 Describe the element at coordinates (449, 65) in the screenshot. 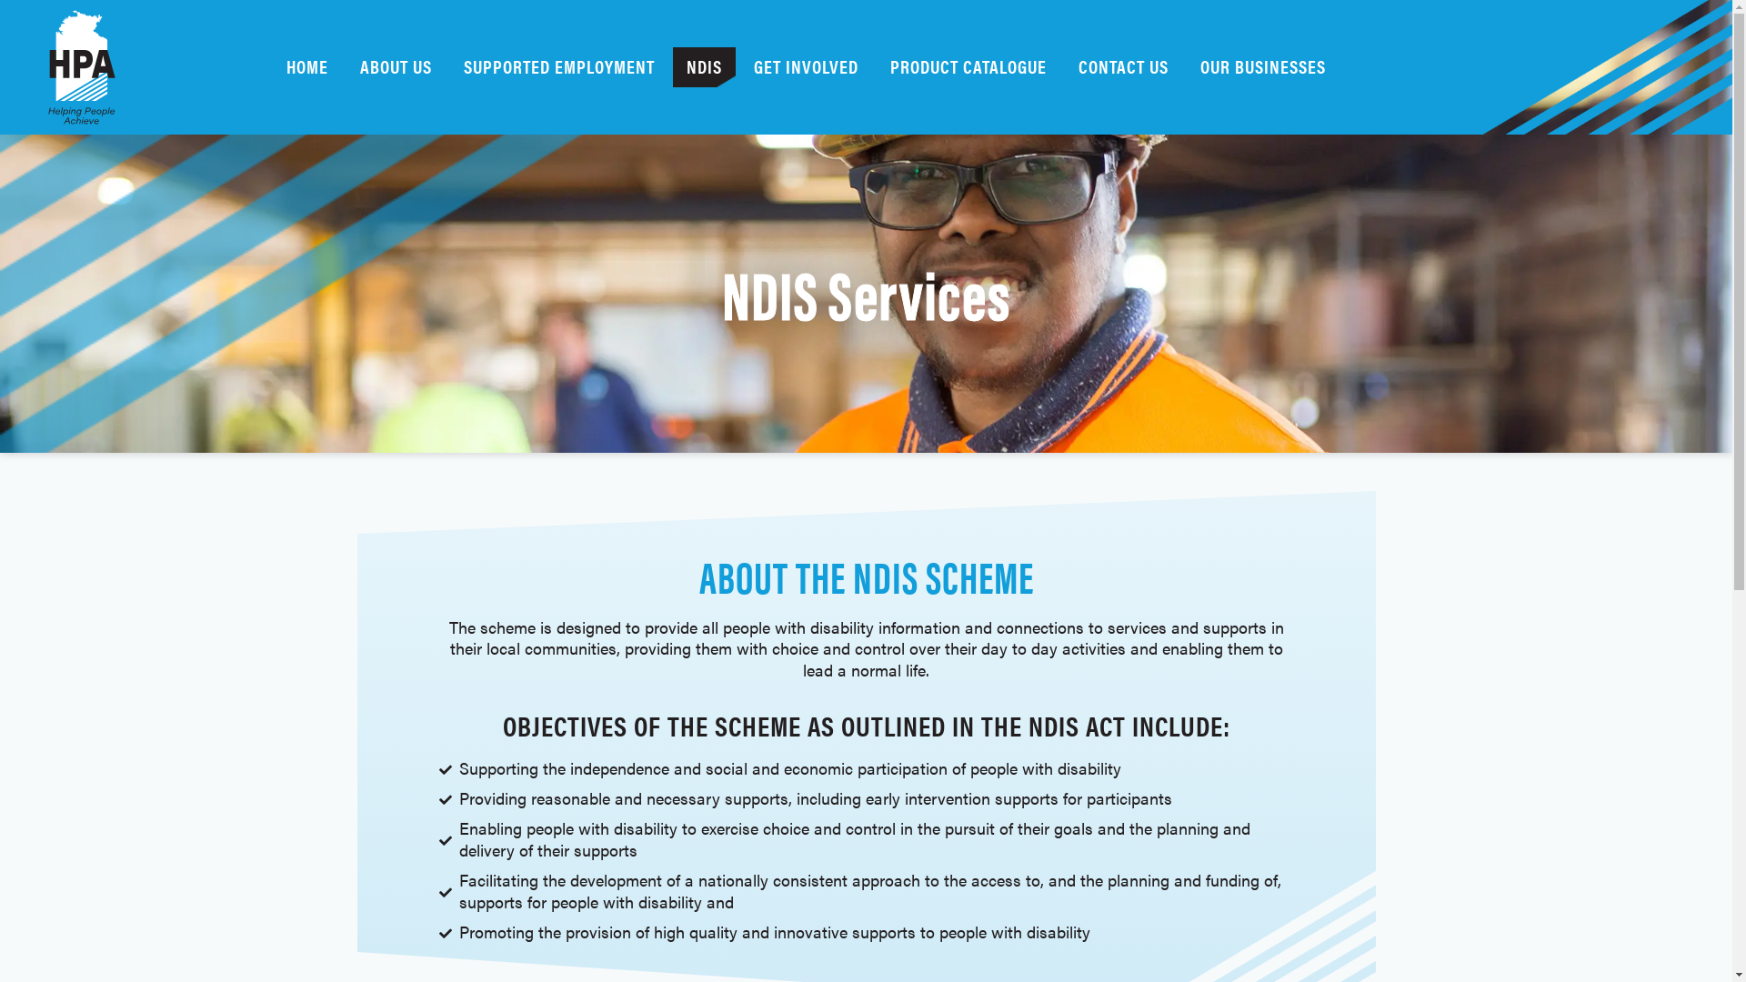

I see `'SUPPORTED EMPLOYMENT'` at that location.